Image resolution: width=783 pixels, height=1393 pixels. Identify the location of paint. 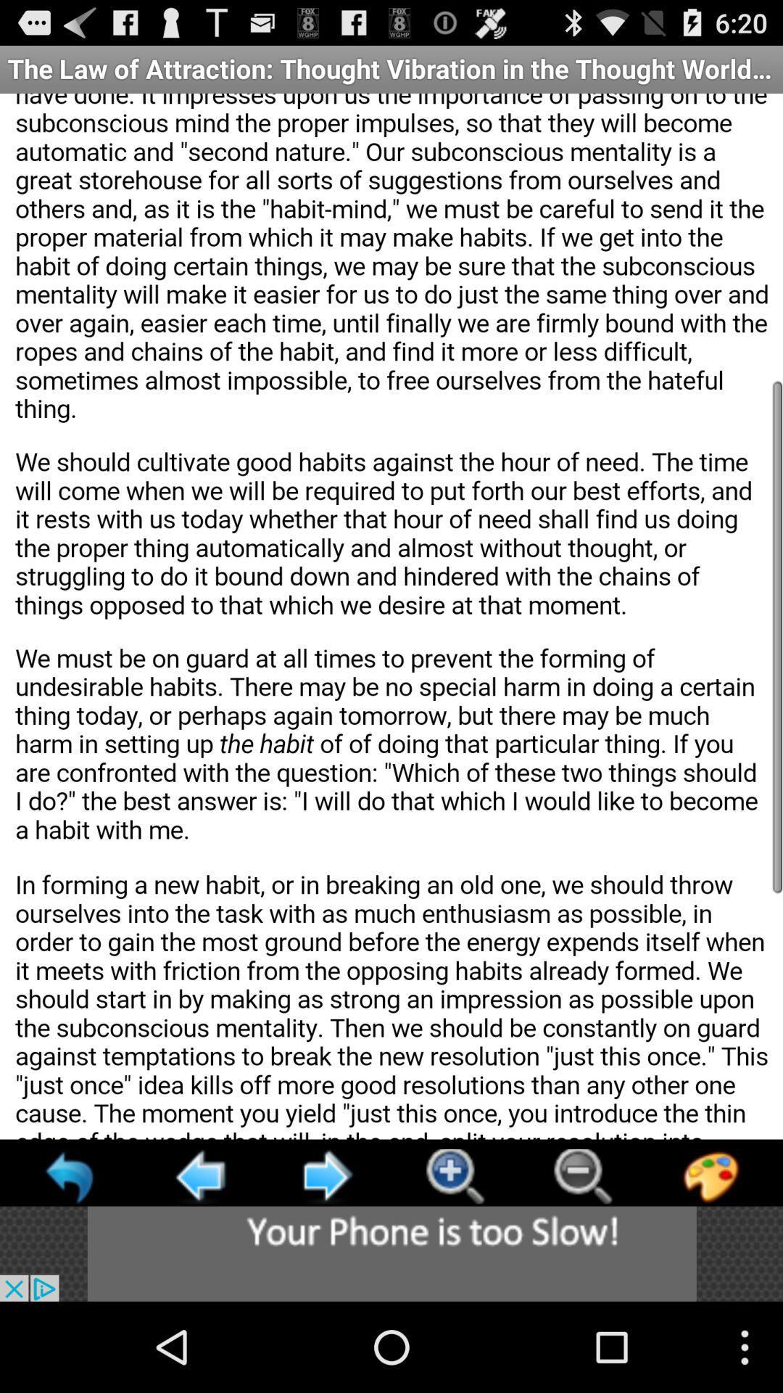
(710, 1176).